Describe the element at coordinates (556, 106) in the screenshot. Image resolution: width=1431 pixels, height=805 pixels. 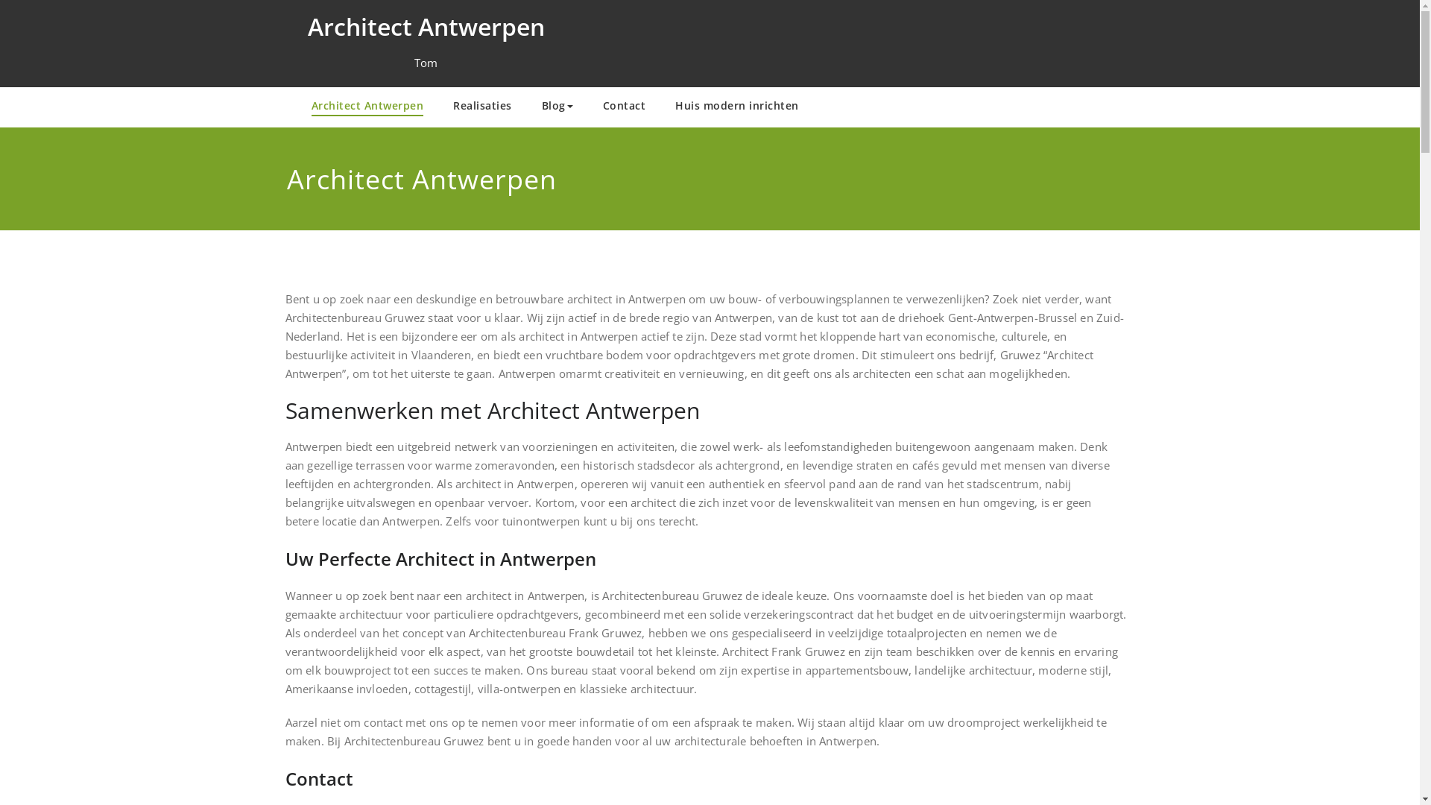
I see `'Blog'` at that location.